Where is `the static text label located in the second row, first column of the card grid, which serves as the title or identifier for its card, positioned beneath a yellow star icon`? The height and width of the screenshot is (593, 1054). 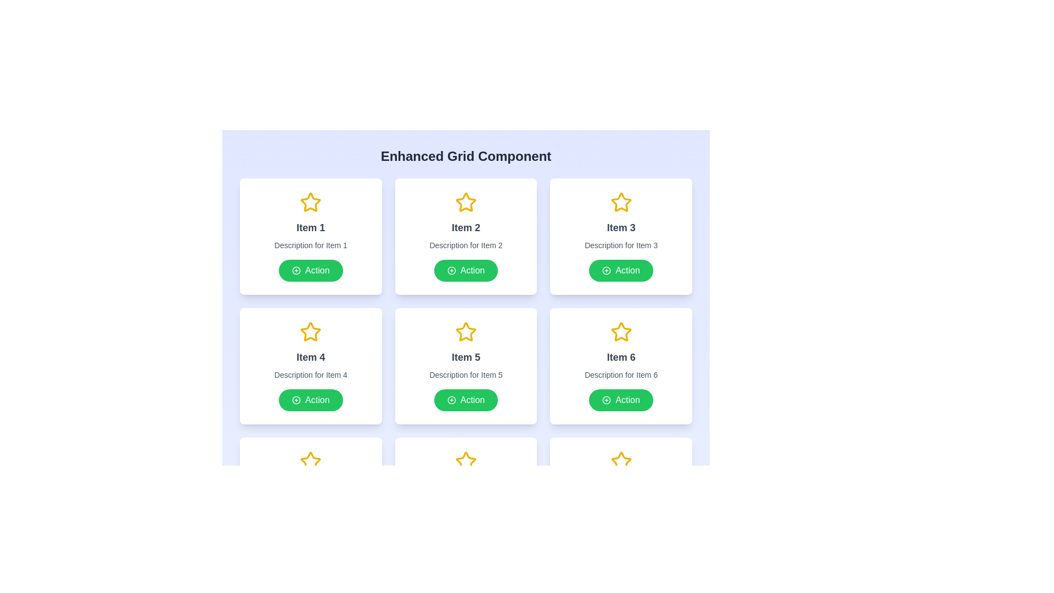 the static text label located in the second row, first column of the card grid, which serves as the title or identifier for its card, positioned beneath a yellow star icon is located at coordinates (310, 357).